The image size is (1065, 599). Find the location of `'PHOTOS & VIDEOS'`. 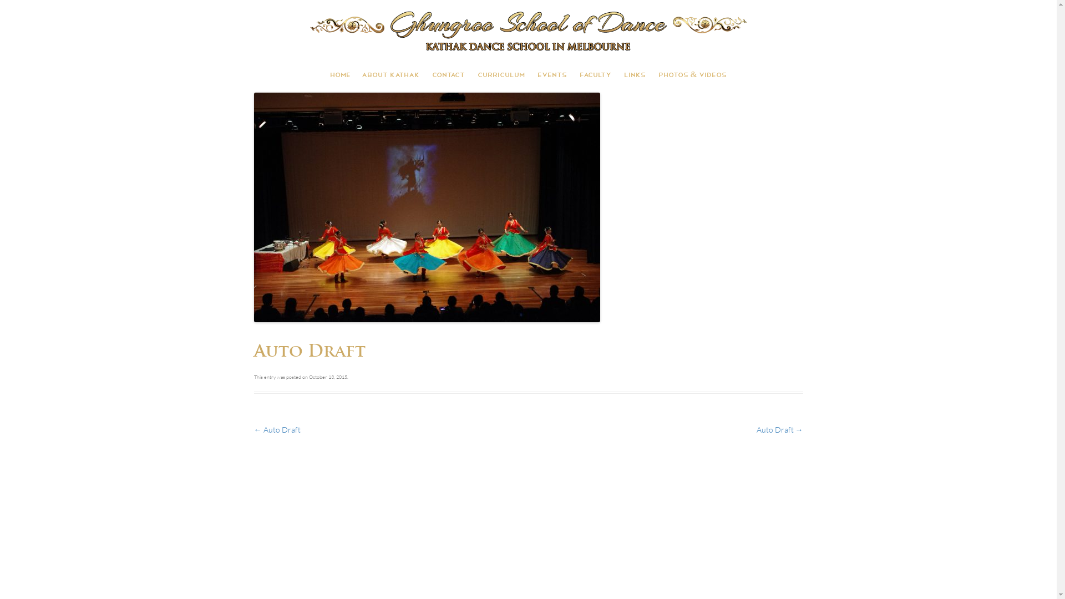

'PHOTOS & VIDEOS' is located at coordinates (692, 74).